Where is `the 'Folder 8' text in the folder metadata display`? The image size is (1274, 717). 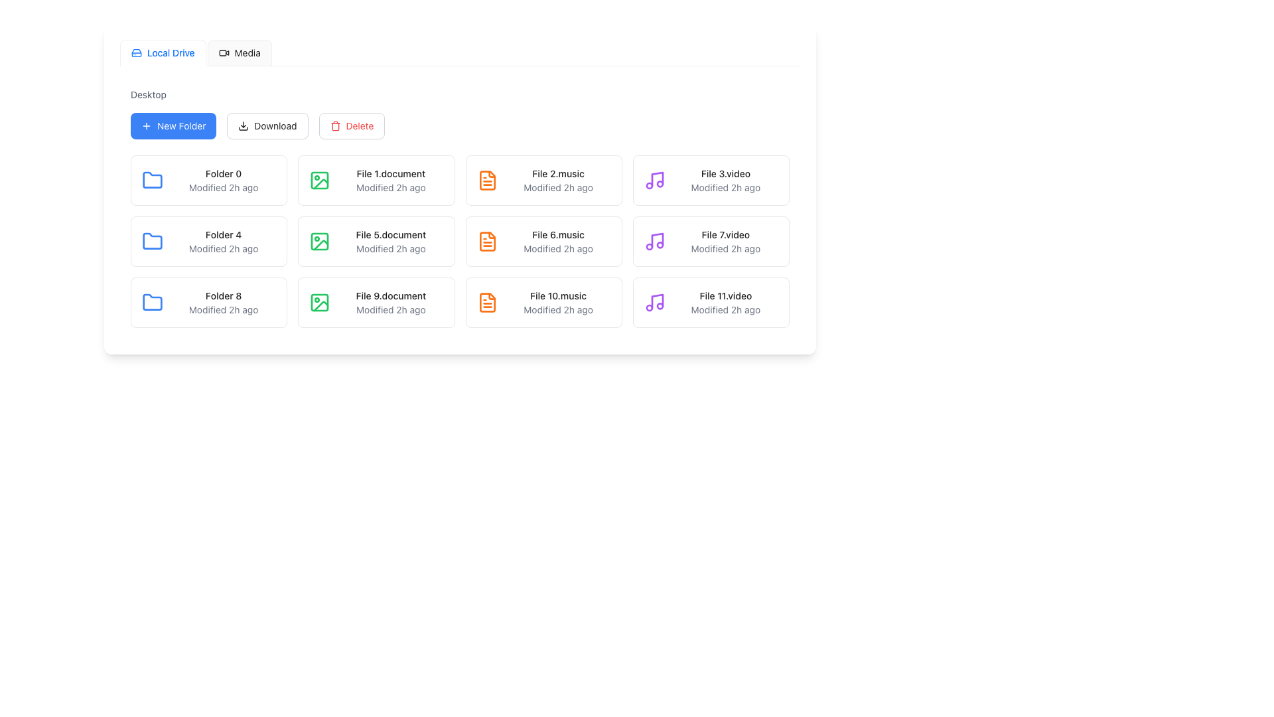 the 'Folder 8' text in the folder metadata display is located at coordinates (224, 302).